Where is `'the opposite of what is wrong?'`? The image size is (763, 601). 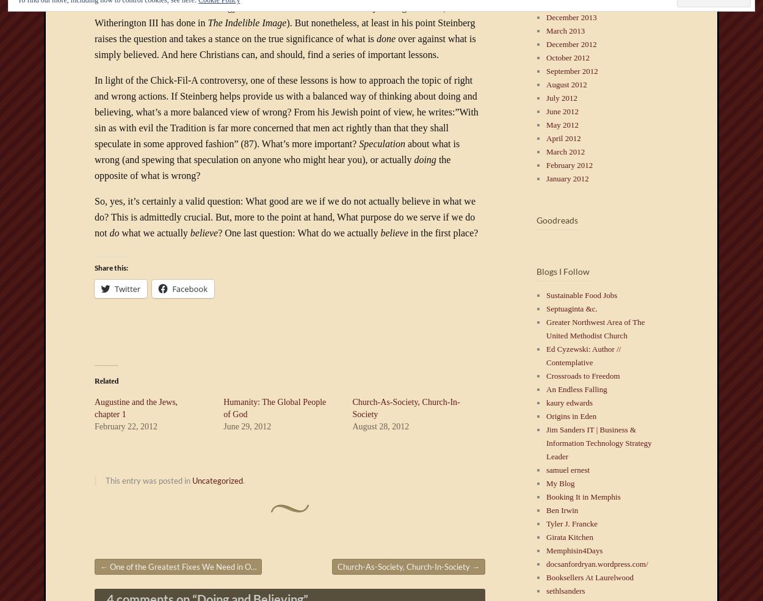
'the opposite of what is wrong?' is located at coordinates (272, 167).